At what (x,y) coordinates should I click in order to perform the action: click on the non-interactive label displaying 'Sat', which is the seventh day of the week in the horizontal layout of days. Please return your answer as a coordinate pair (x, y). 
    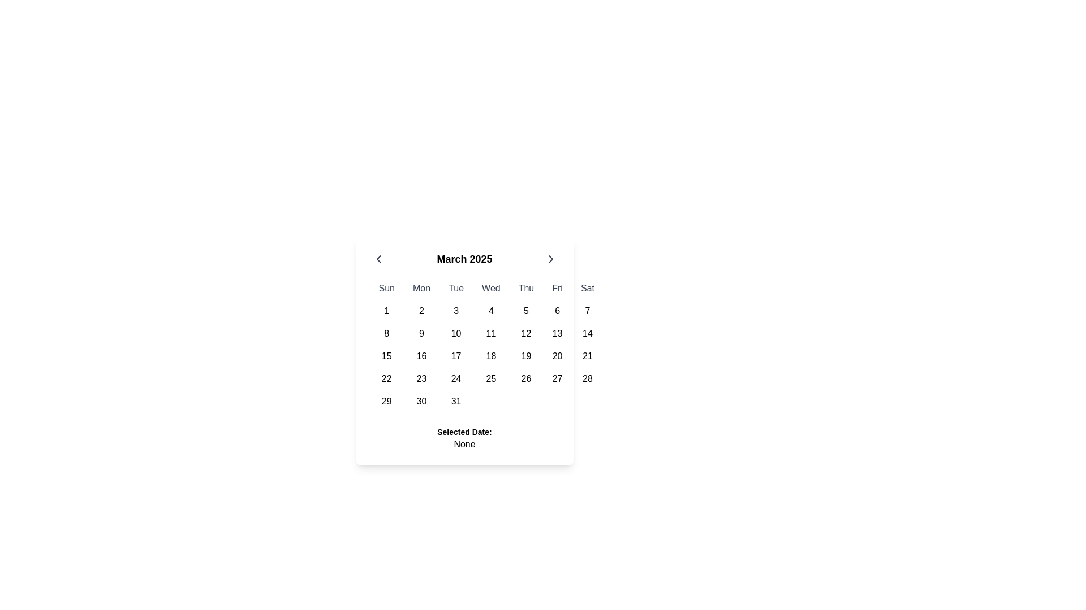
    Looking at the image, I should click on (587, 287).